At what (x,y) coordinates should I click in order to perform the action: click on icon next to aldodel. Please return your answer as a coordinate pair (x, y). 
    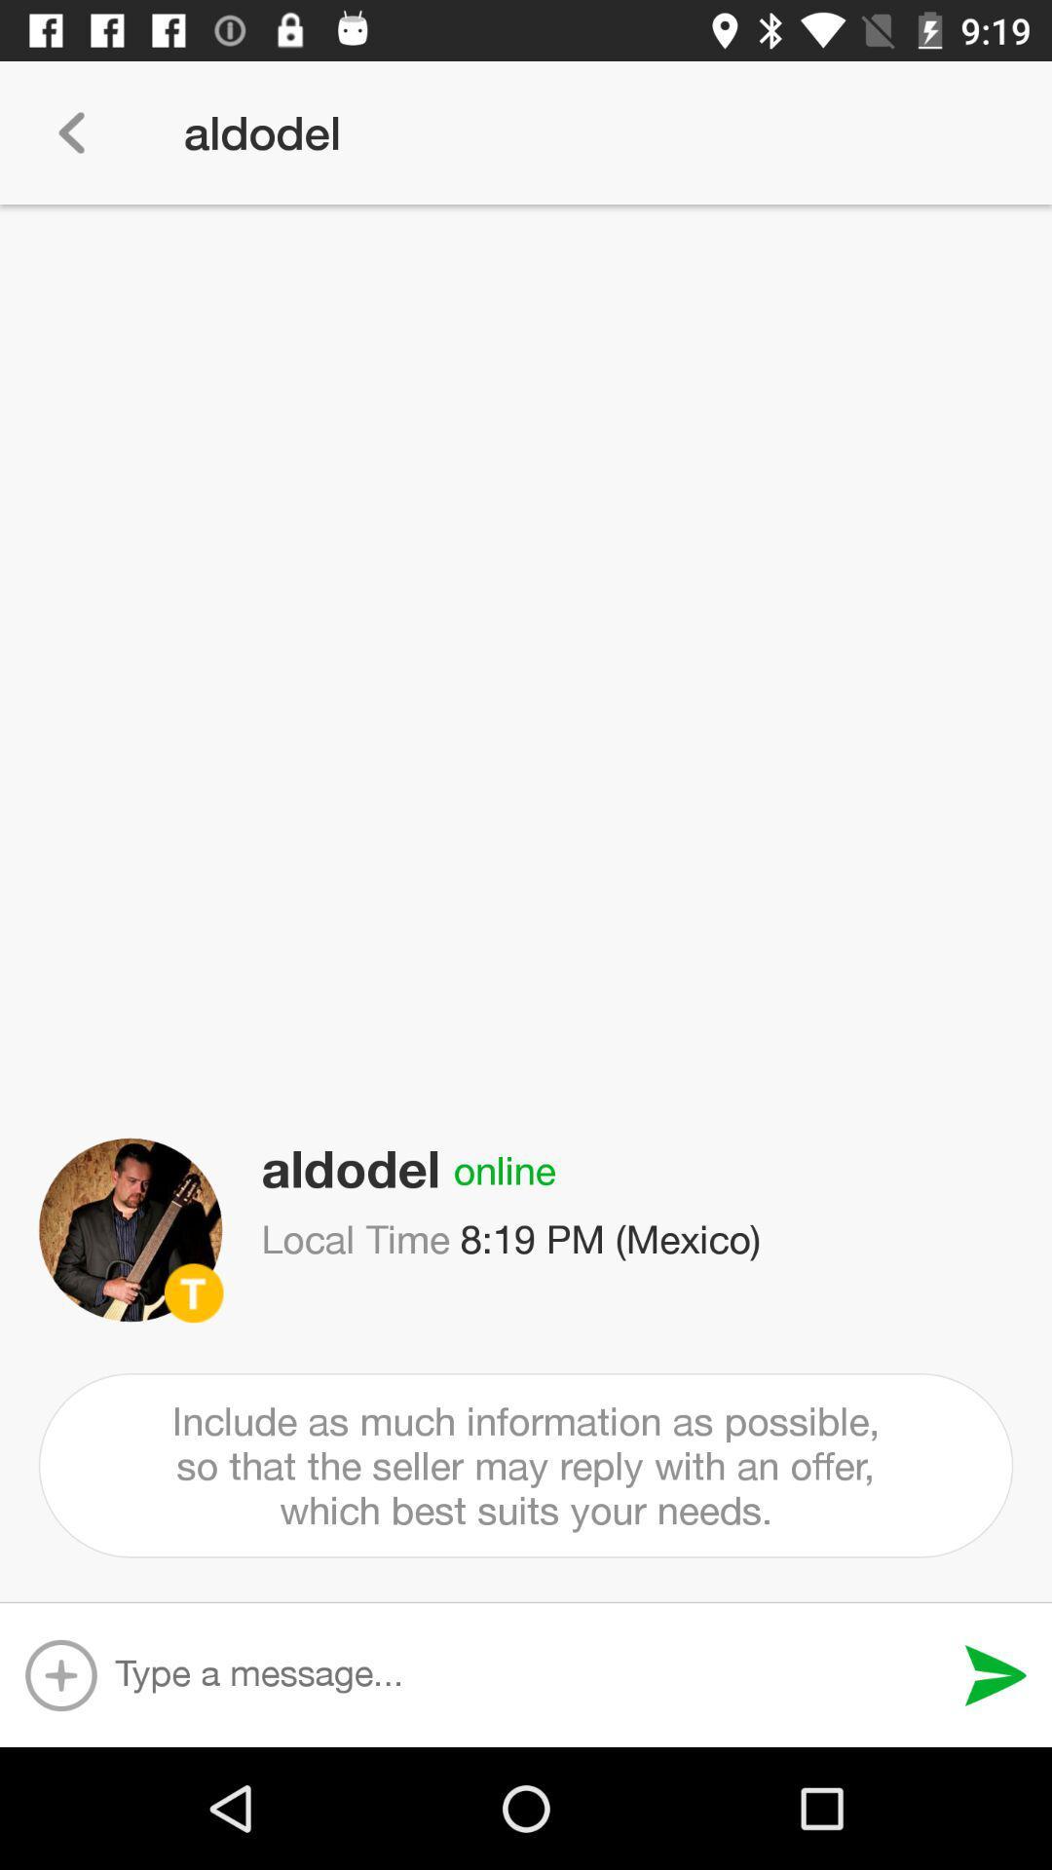
    Looking at the image, I should click on (70, 131).